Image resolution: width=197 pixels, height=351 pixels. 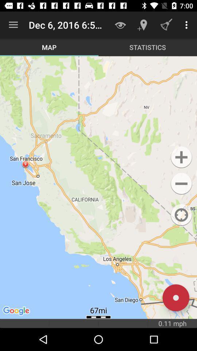 I want to click on the settings option, so click(x=181, y=183).